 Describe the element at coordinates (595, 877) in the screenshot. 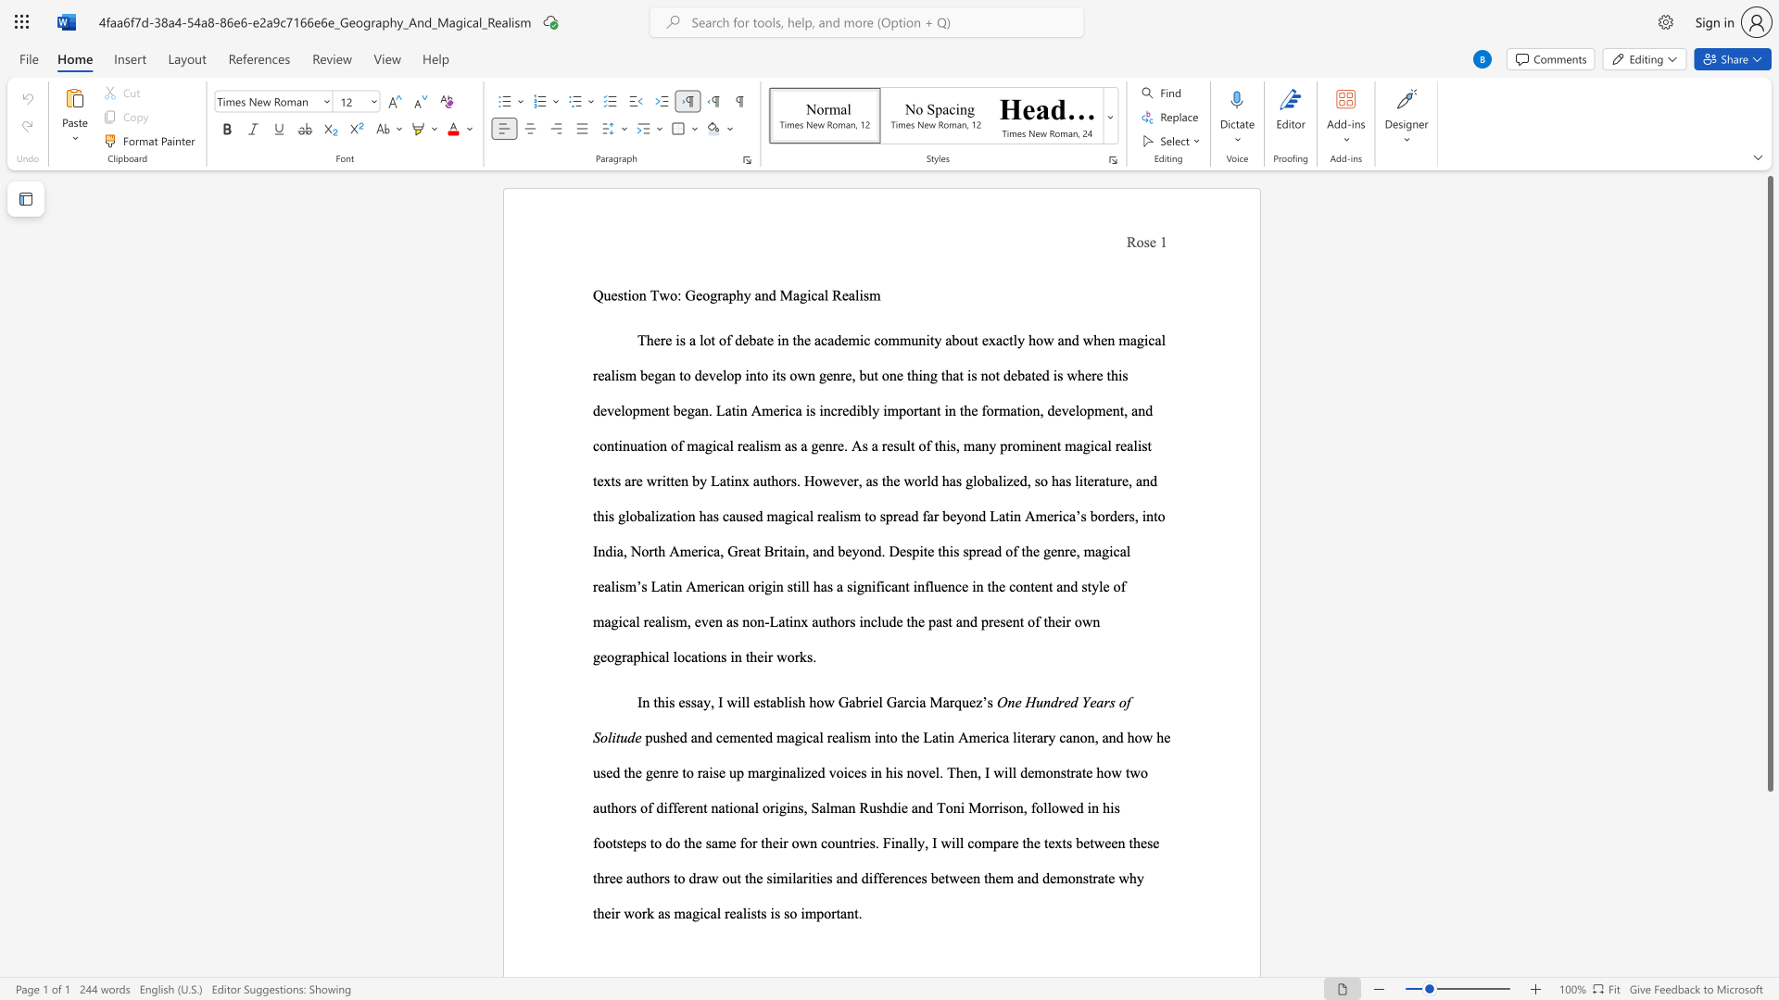

I see `the 10th character "t" in the text` at that location.